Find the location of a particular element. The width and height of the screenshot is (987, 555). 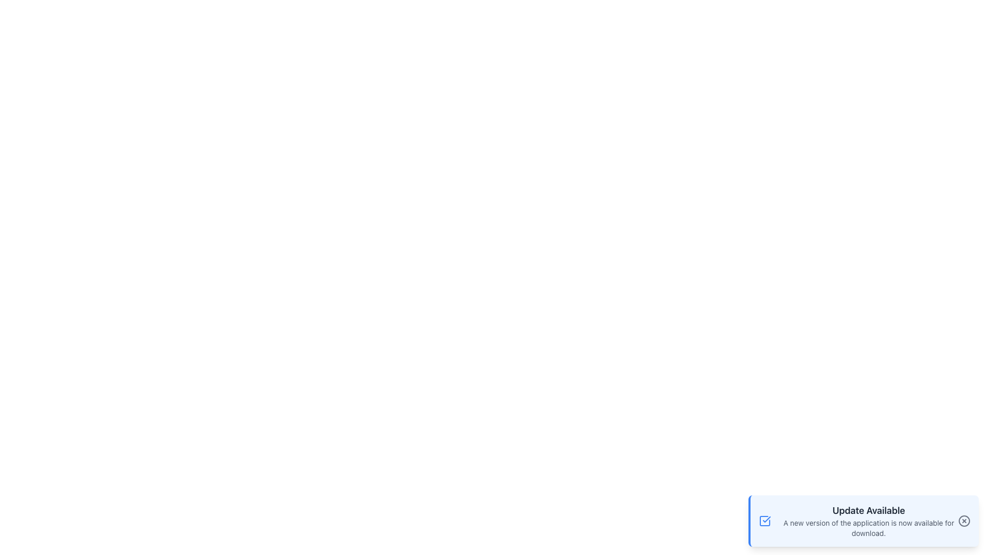

the circular 'close' button with an 'X' symbol inside a circle, located at the far right end of the notification panel labeled 'Update Available' is located at coordinates (964, 521).